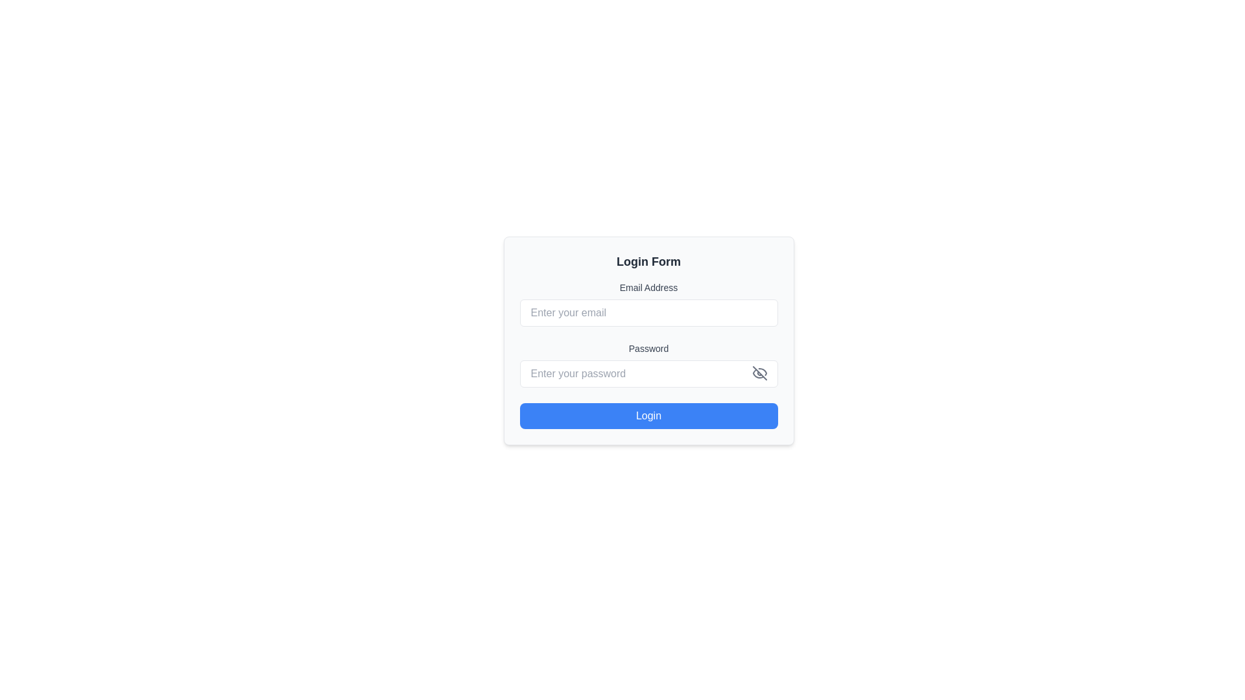  What do you see at coordinates (759, 373) in the screenshot?
I see `the eye icon button in the upper-right corner of the password input field` at bounding box center [759, 373].